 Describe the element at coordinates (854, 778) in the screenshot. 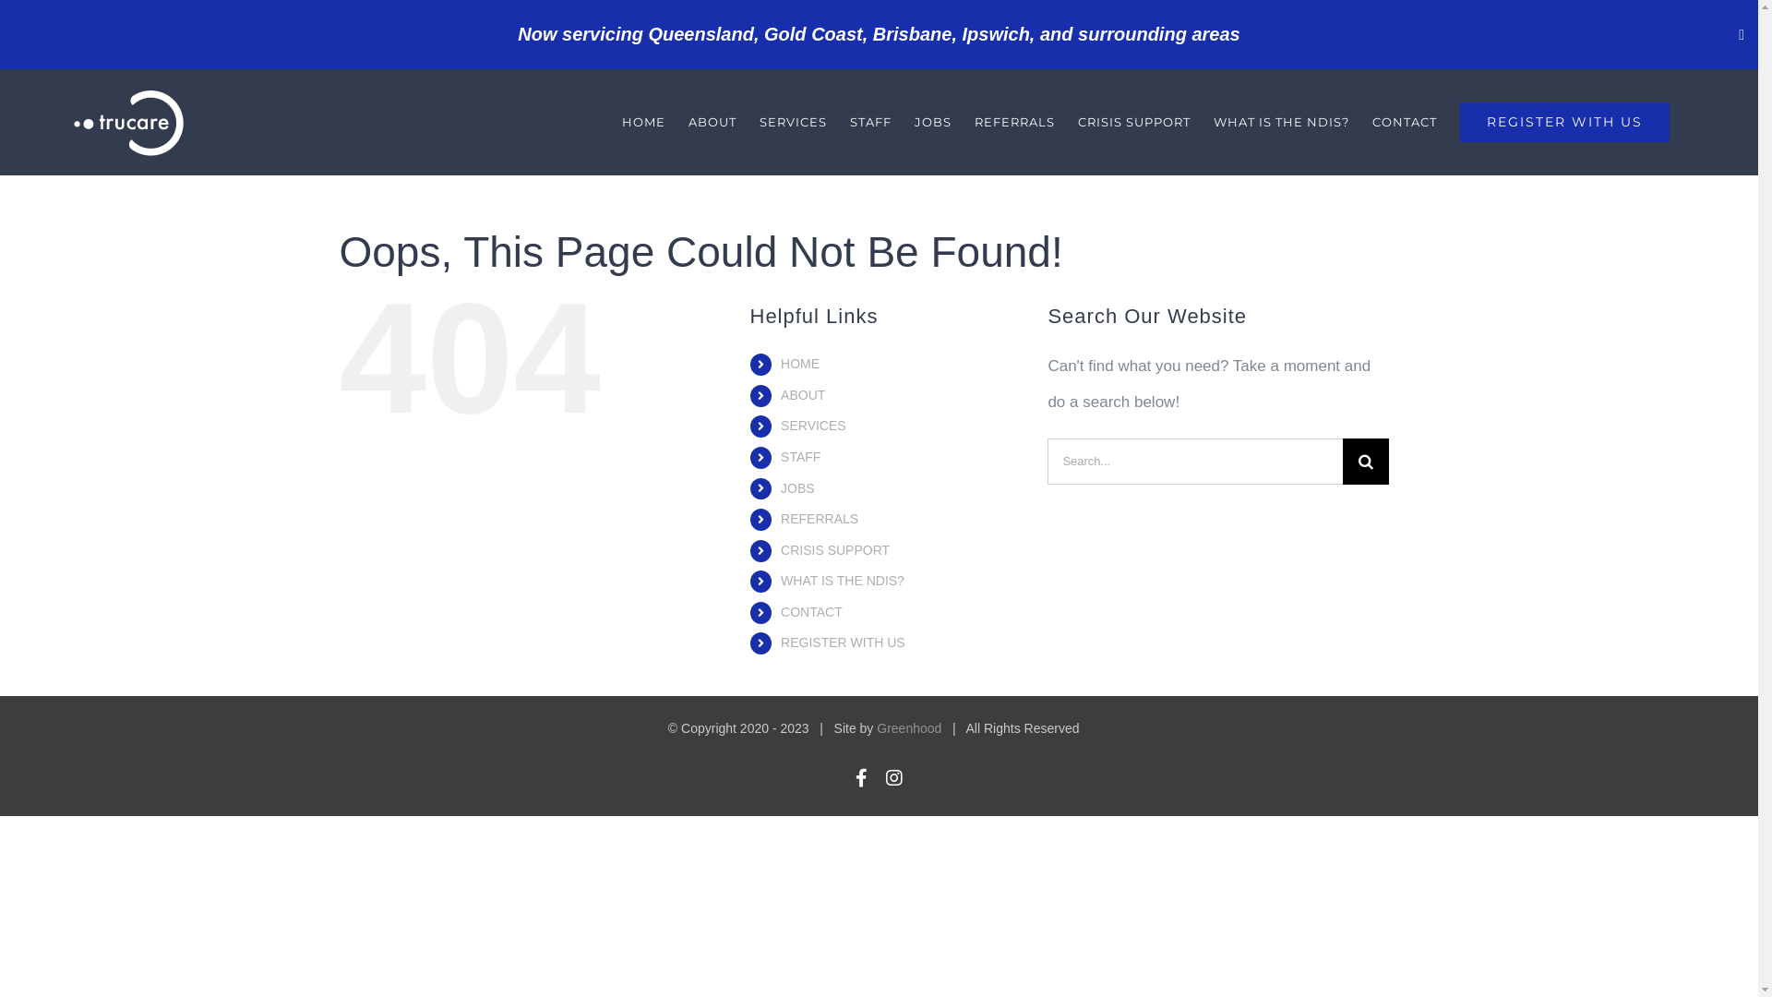

I see `'Facebook'` at that location.